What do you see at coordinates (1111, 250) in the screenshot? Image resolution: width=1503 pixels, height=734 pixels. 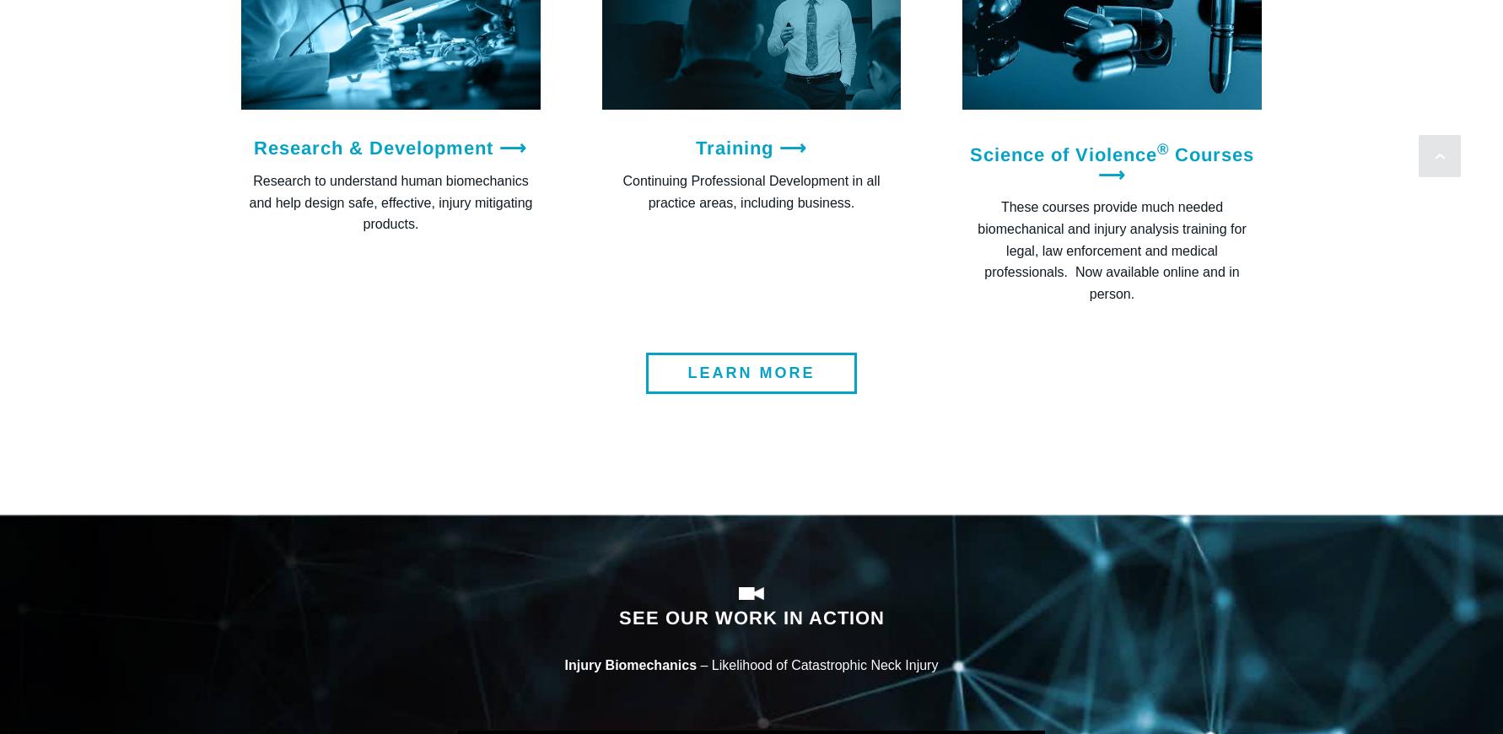 I see `'These courses provide much needed biomechanical and injury analysis training for legal, law enforcement and medical professionals.  Now available online and in person.'` at bounding box center [1111, 250].